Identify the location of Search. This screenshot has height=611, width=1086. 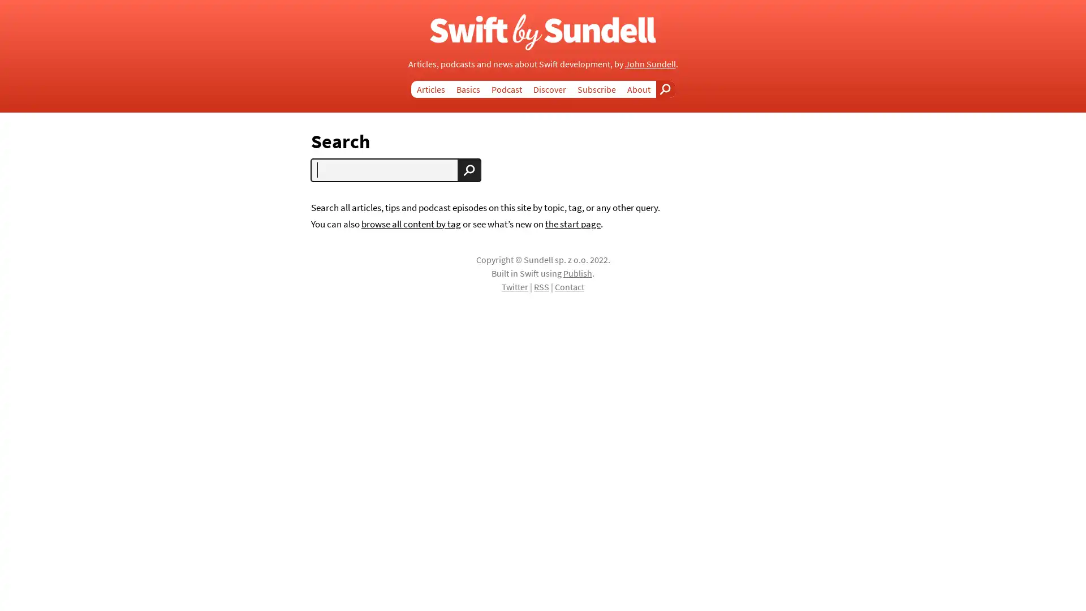
(469, 170).